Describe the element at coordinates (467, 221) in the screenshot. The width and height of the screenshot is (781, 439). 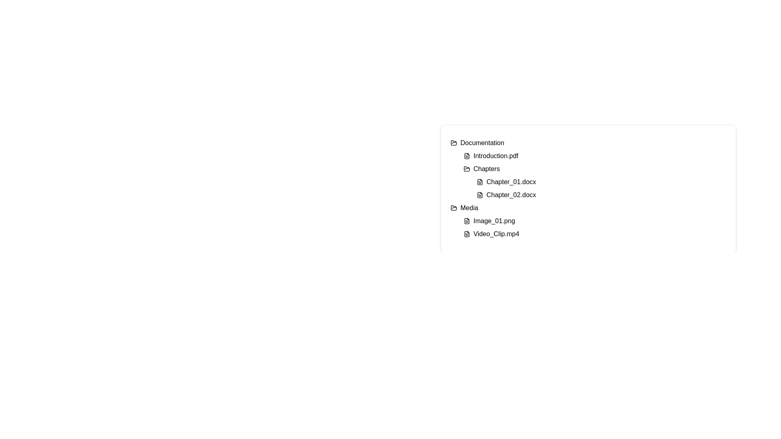
I see `the icon representing 'Image_01.png' file, which is the leftmost component in the row of the Media folder` at that location.